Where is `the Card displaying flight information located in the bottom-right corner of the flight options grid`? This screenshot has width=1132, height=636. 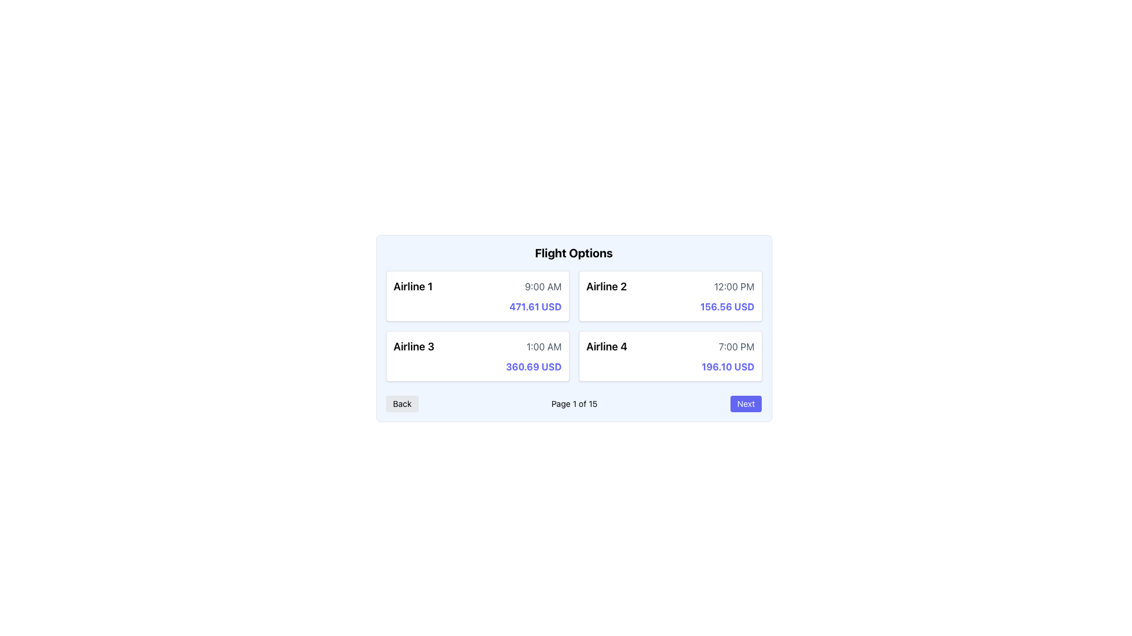
the Card displaying flight information located in the bottom-right corner of the flight options grid is located at coordinates (670, 356).